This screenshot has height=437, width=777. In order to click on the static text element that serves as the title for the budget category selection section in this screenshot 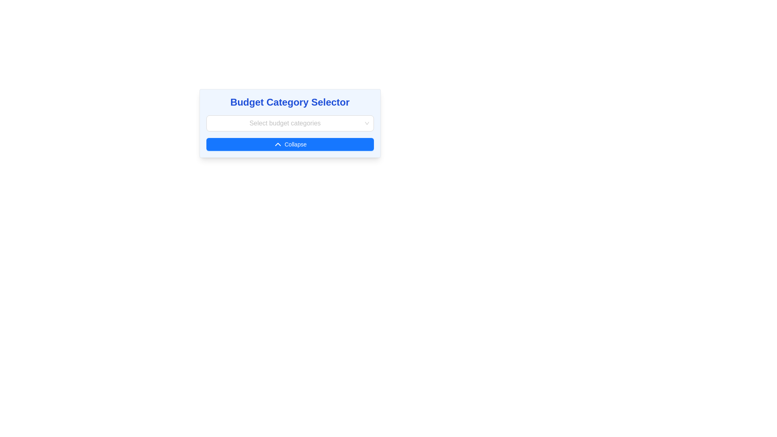, I will do `click(290, 102)`.